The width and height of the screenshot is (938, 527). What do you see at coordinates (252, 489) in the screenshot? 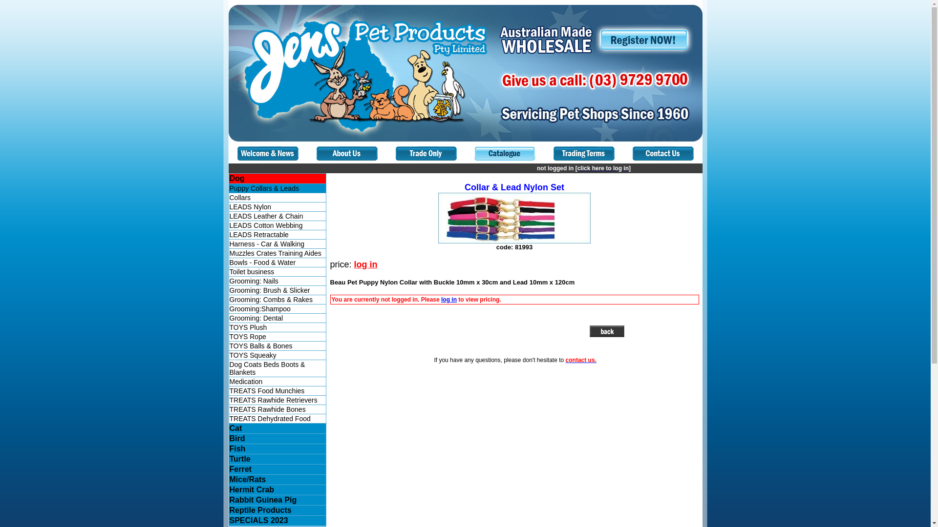
I see `'Hermit Crab'` at bounding box center [252, 489].